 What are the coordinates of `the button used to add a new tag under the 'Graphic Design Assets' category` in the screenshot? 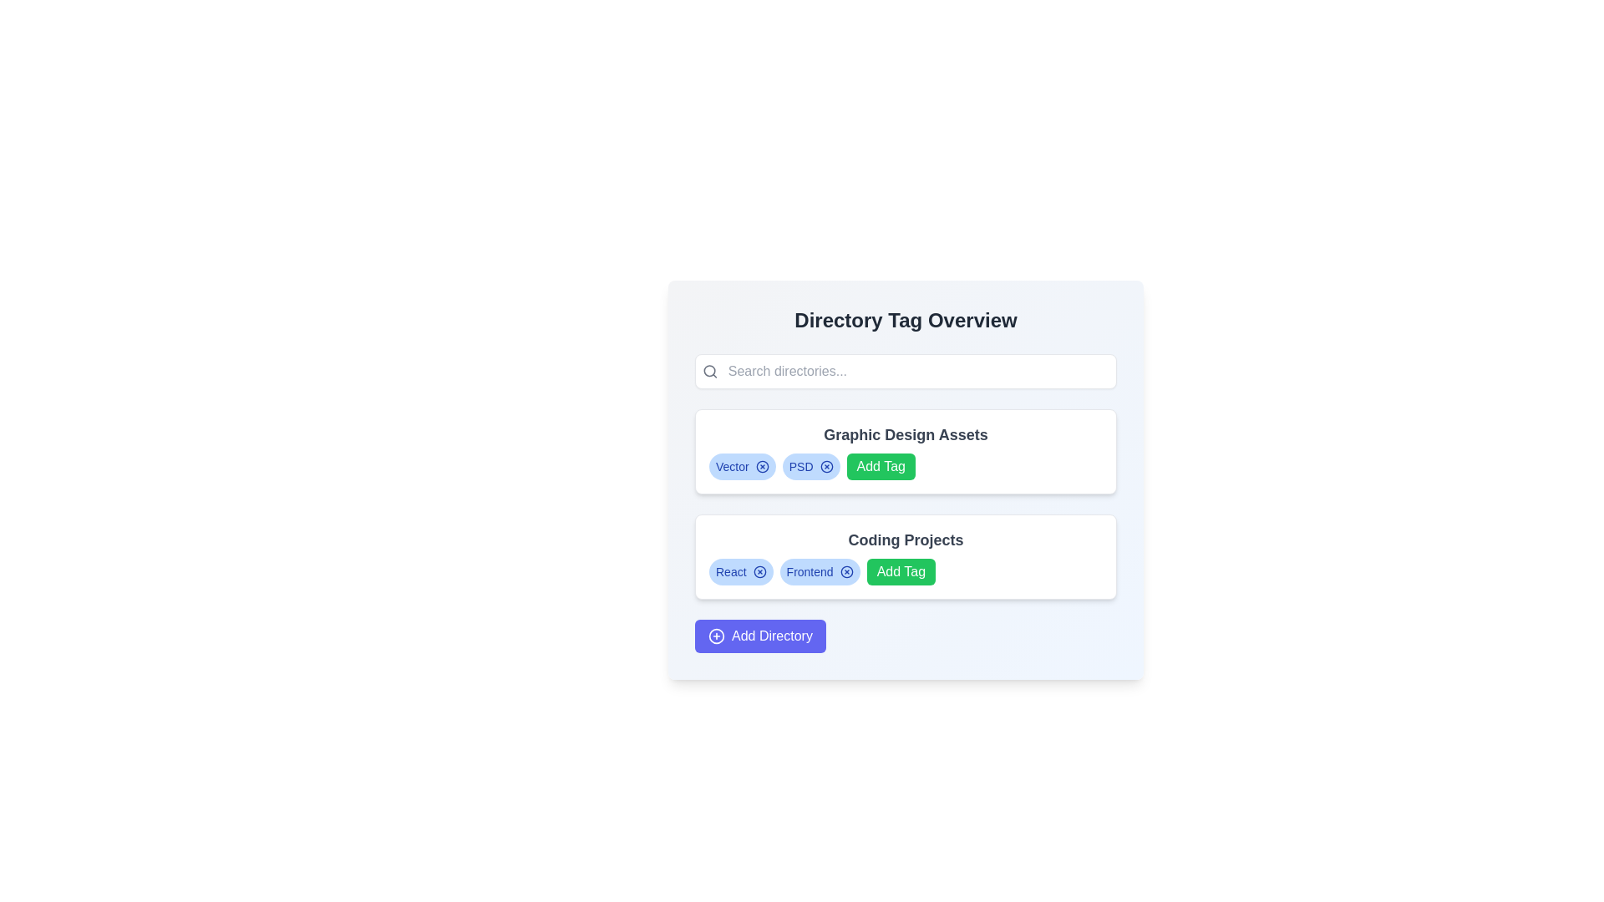 It's located at (880, 467).